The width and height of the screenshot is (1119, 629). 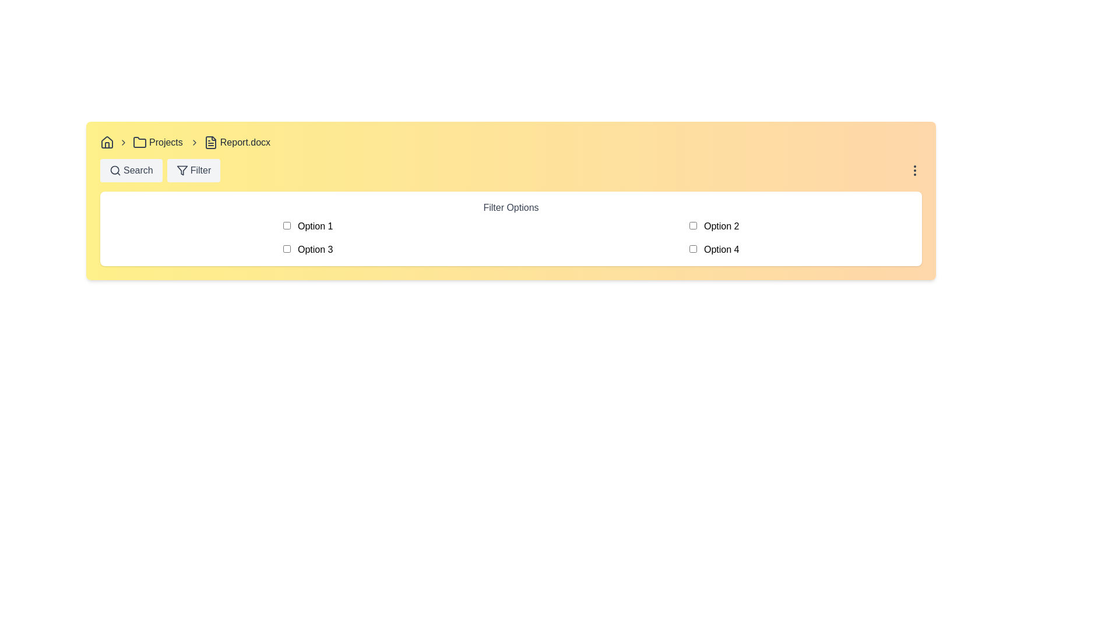 I want to click on the right-pointing arrow icon that serves as a breadcrumb separator in the navigation bar, positioned between 'Projects' and 'Report.docx', so click(x=194, y=142).